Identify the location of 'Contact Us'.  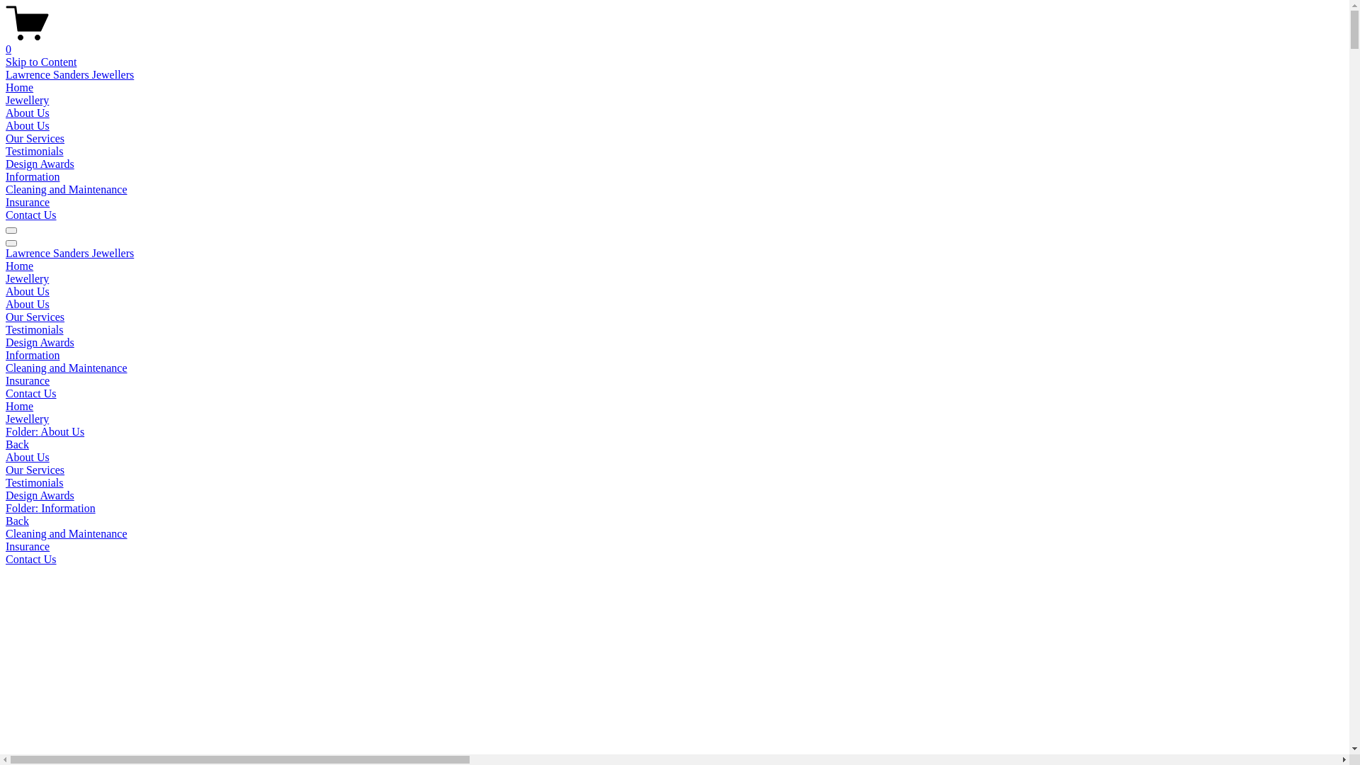
(6, 393).